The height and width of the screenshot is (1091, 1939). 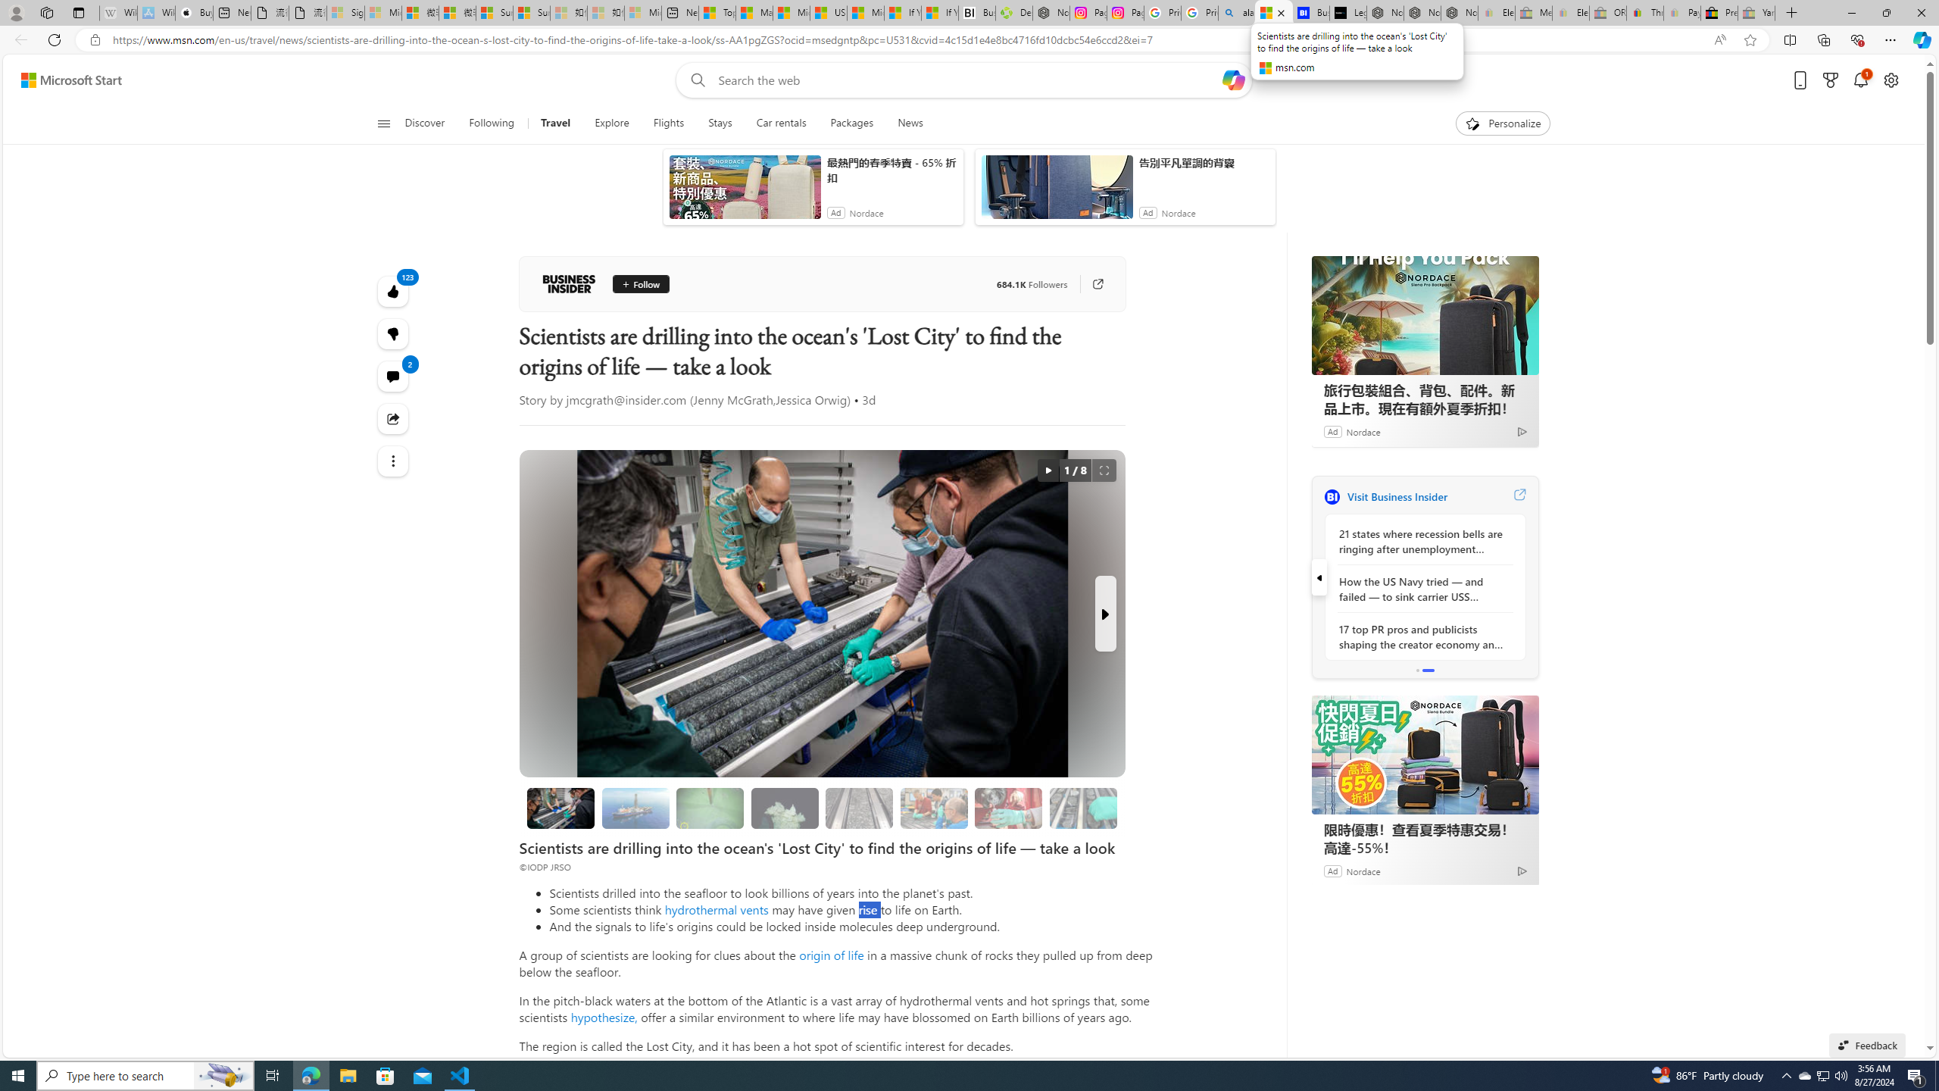 What do you see at coordinates (1236, 12) in the screenshot?
I see `'alabama high school quarterback dies - Search'` at bounding box center [1236, 12].